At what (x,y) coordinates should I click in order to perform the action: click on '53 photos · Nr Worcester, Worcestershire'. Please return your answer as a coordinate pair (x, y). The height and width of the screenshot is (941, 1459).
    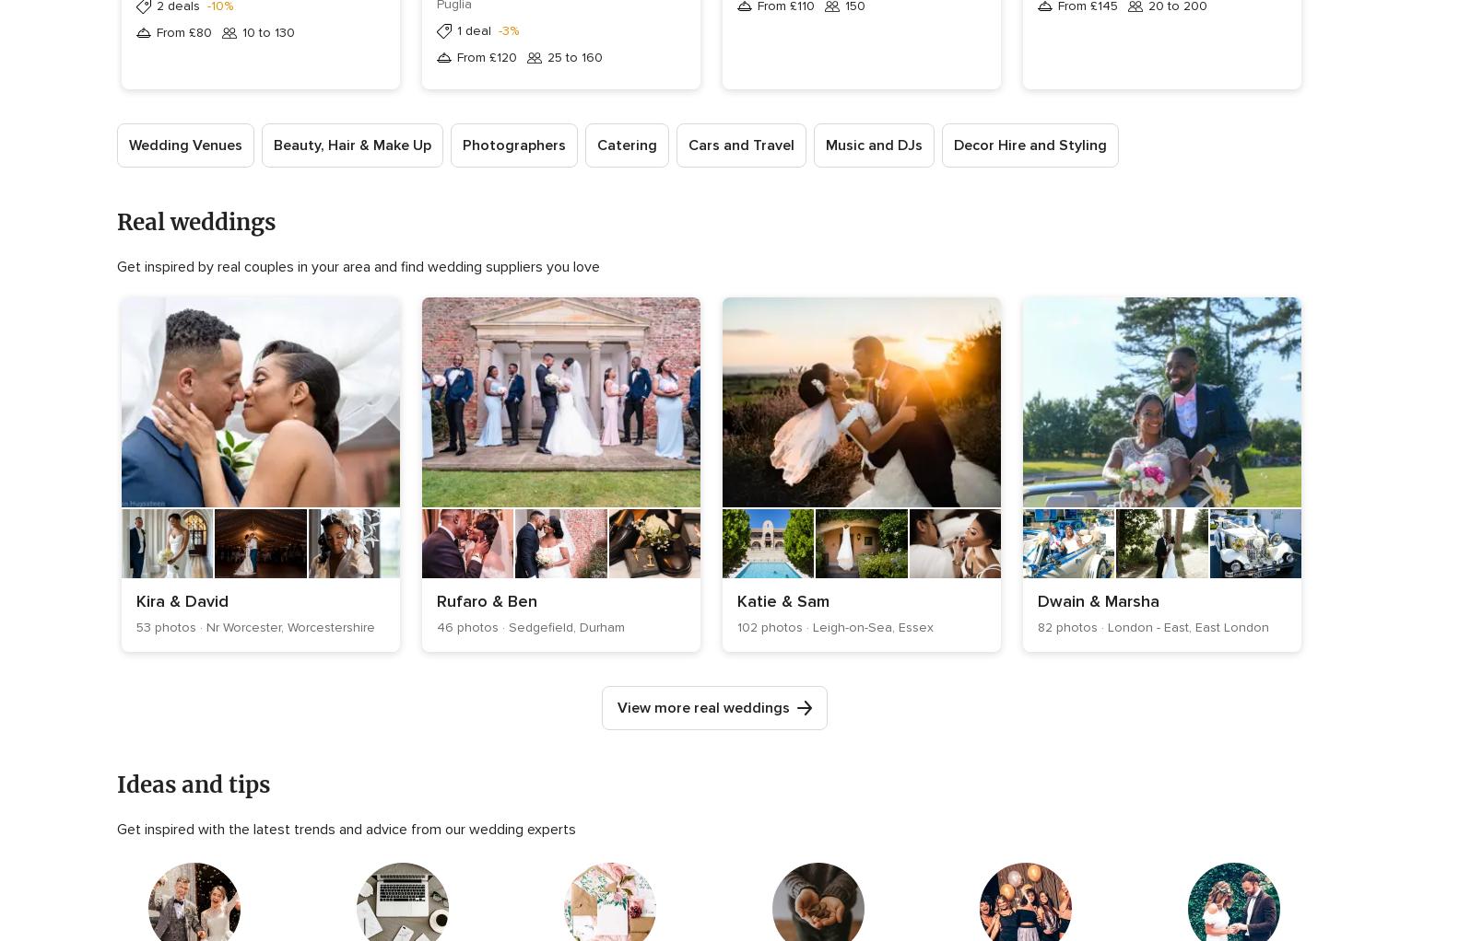
    Looking at the image, I should click on (255, 626).